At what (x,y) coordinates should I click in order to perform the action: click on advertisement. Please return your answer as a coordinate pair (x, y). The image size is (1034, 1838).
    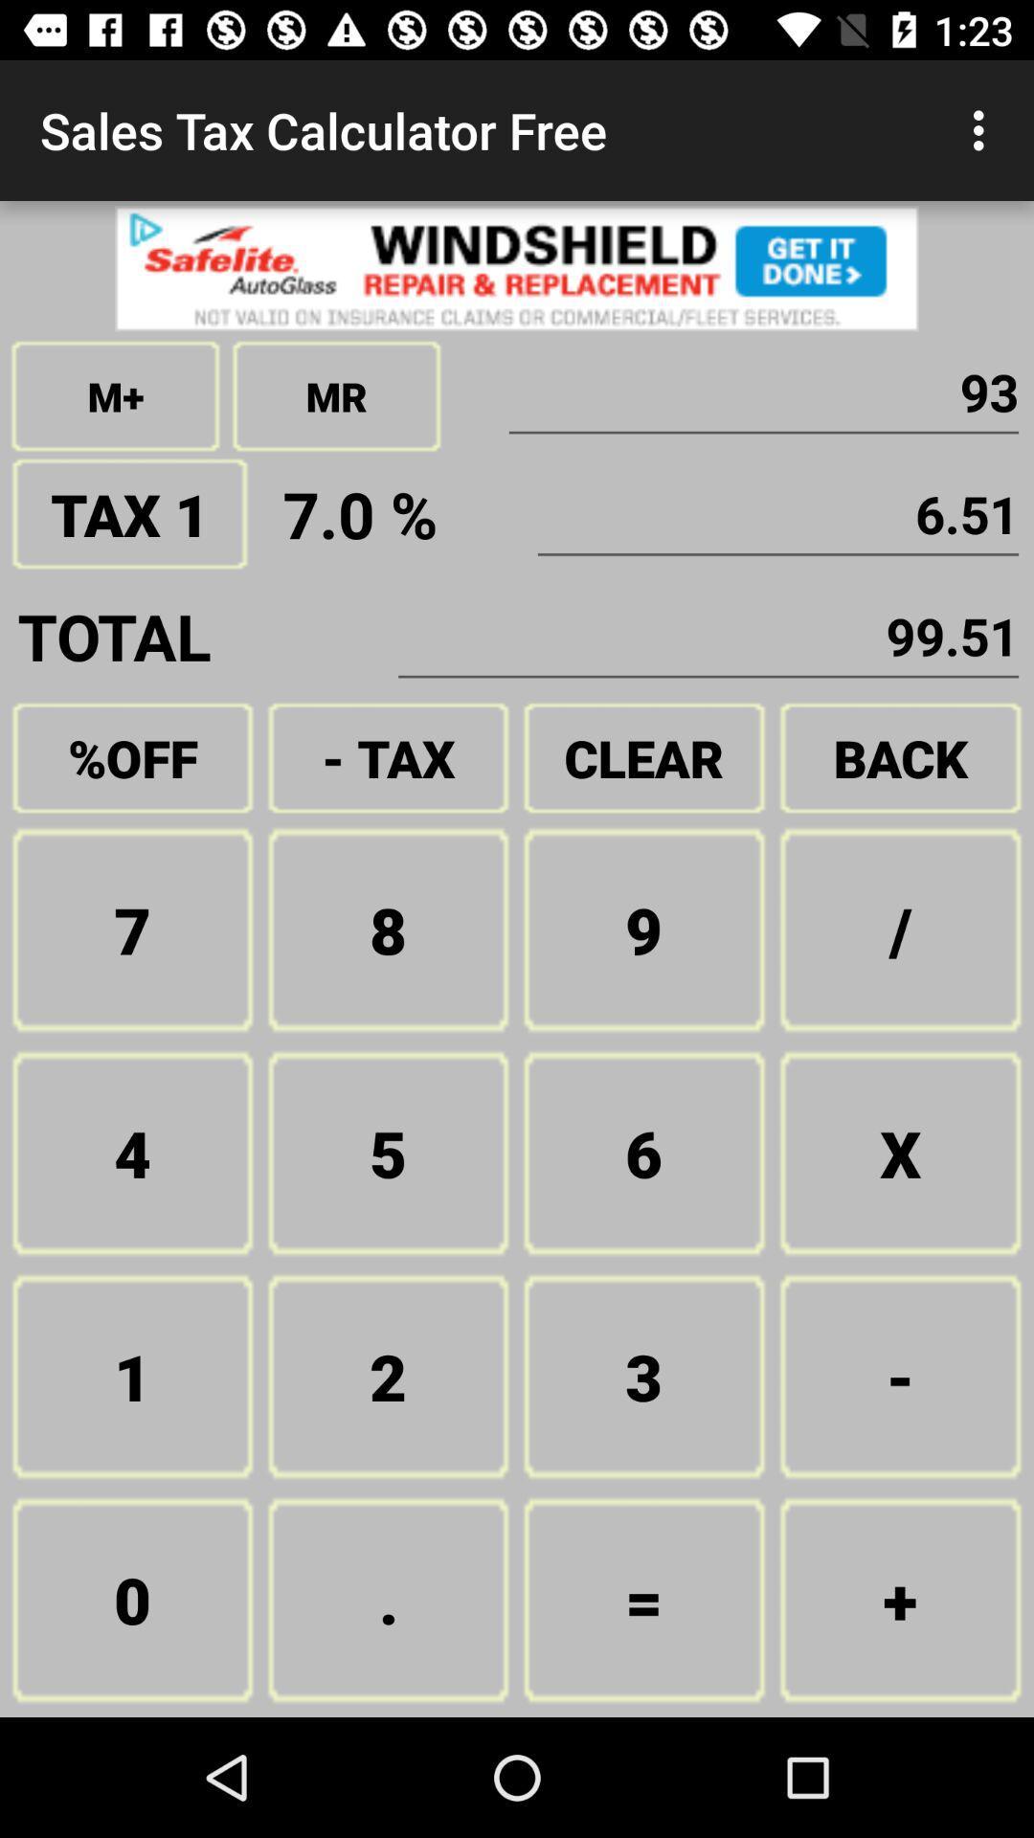
    Looking at the image, I should click on (517, 267).